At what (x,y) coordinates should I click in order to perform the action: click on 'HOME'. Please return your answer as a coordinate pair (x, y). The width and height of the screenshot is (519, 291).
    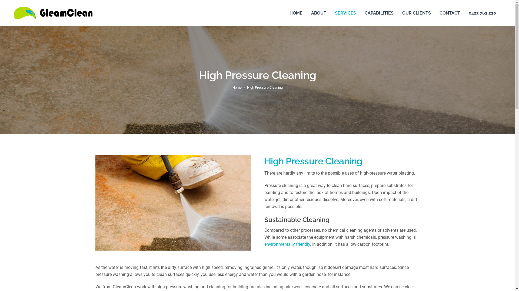
    Looking at the image, I should click on (295, 12).